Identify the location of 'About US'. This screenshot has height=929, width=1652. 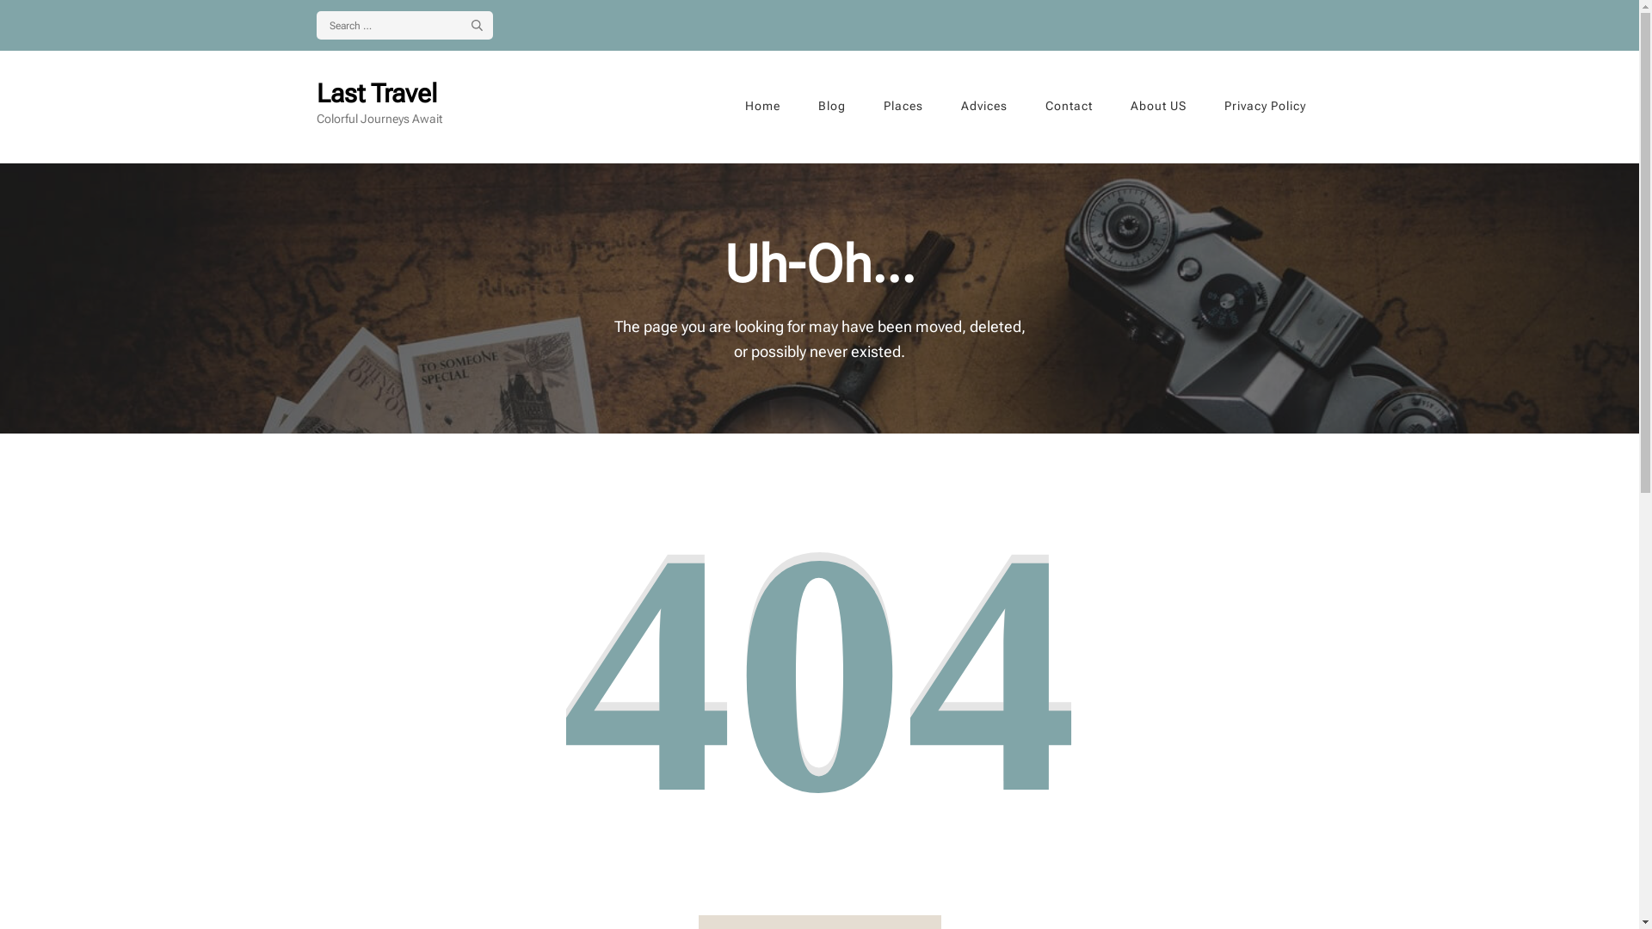
(1113, 106).